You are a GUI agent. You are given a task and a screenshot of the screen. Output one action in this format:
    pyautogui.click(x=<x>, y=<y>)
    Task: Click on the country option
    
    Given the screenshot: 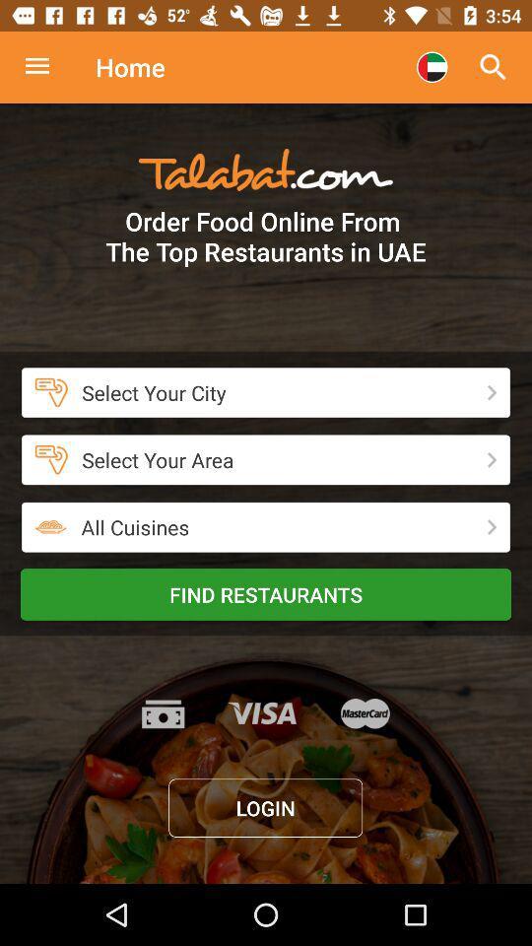 What is the action you would take?
    pyautogui.click(x=431, y=67)
    